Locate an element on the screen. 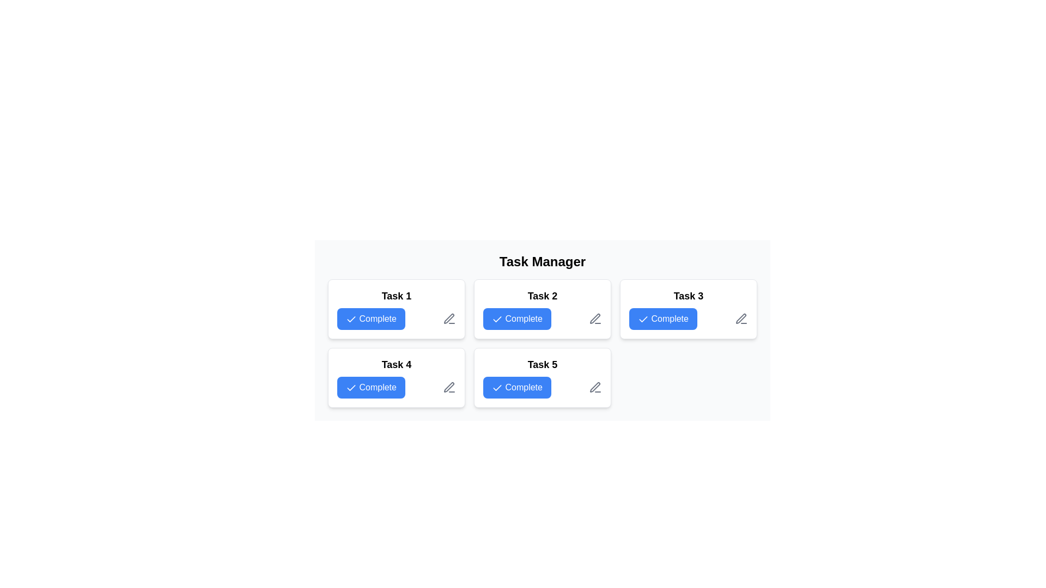 The image size is (1046, 588). the check icon inside the 'Complete' button located under 'Task 4' in the task grid layout is located at coordinates (351, 387).